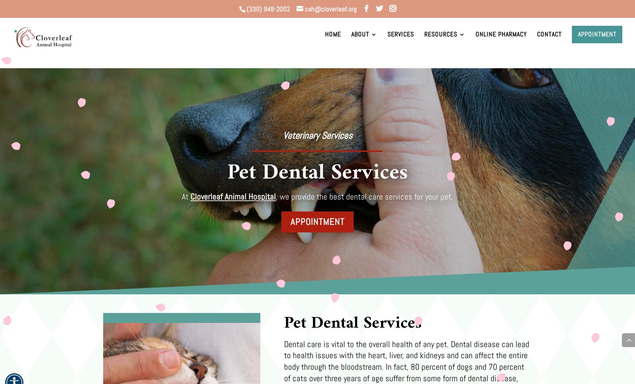 This screenshot has width=635, height=384. I want to click on 'Cloverleaf Animal Hospital', so click(233, 196).